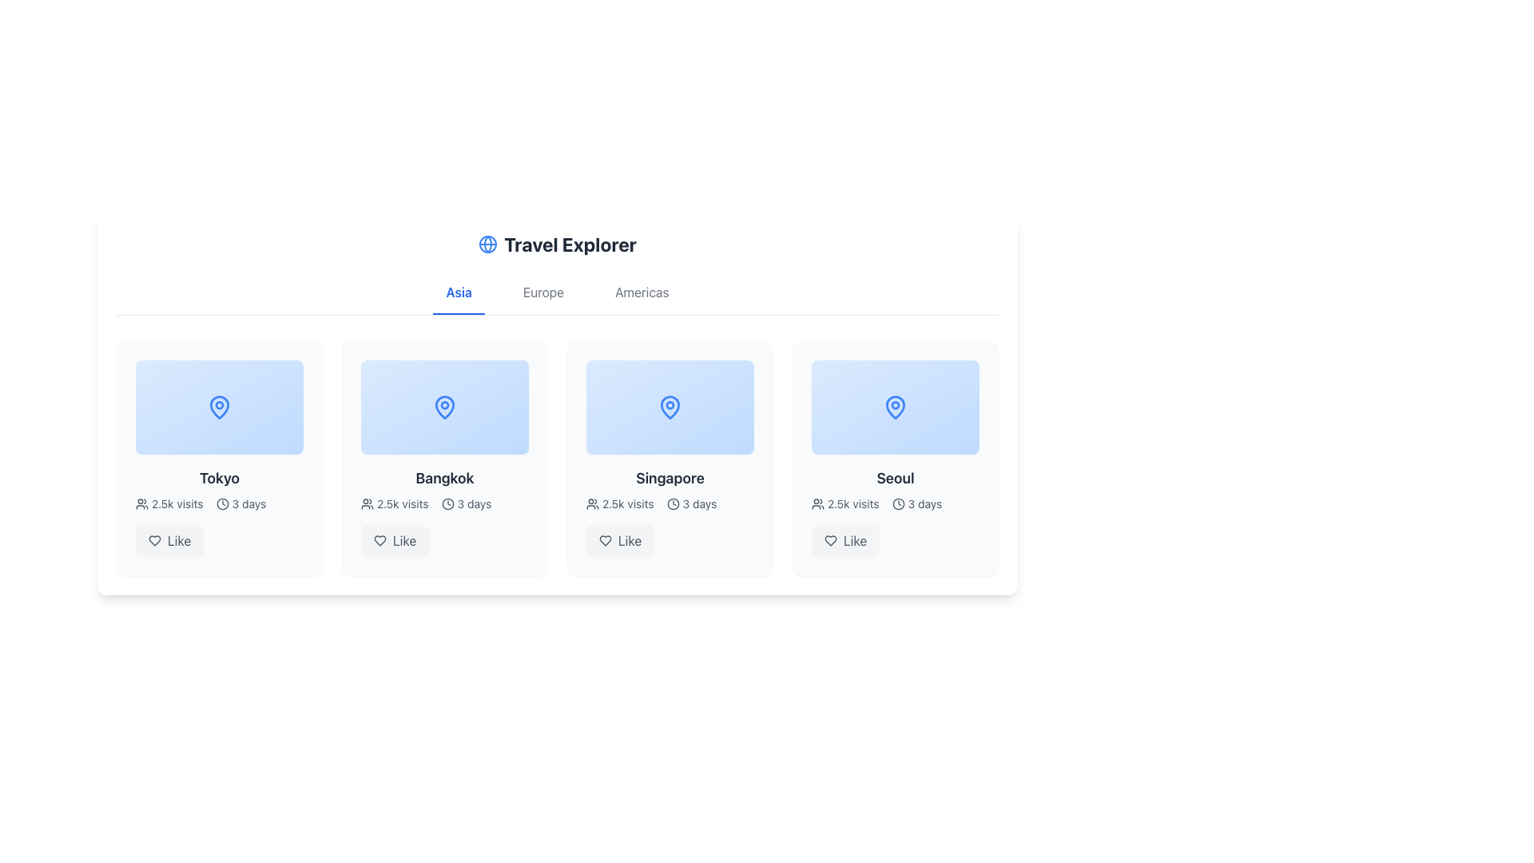 The height and width of the screenshot is (863, 1534). Describe the element at coordinates (169, 540) in the screenshot. I see `the like button located at the bottom-left corner of the 'Tokyo' card, positioned below the text '2.5k visits 3 days' to express appreciation for the item` at that location.